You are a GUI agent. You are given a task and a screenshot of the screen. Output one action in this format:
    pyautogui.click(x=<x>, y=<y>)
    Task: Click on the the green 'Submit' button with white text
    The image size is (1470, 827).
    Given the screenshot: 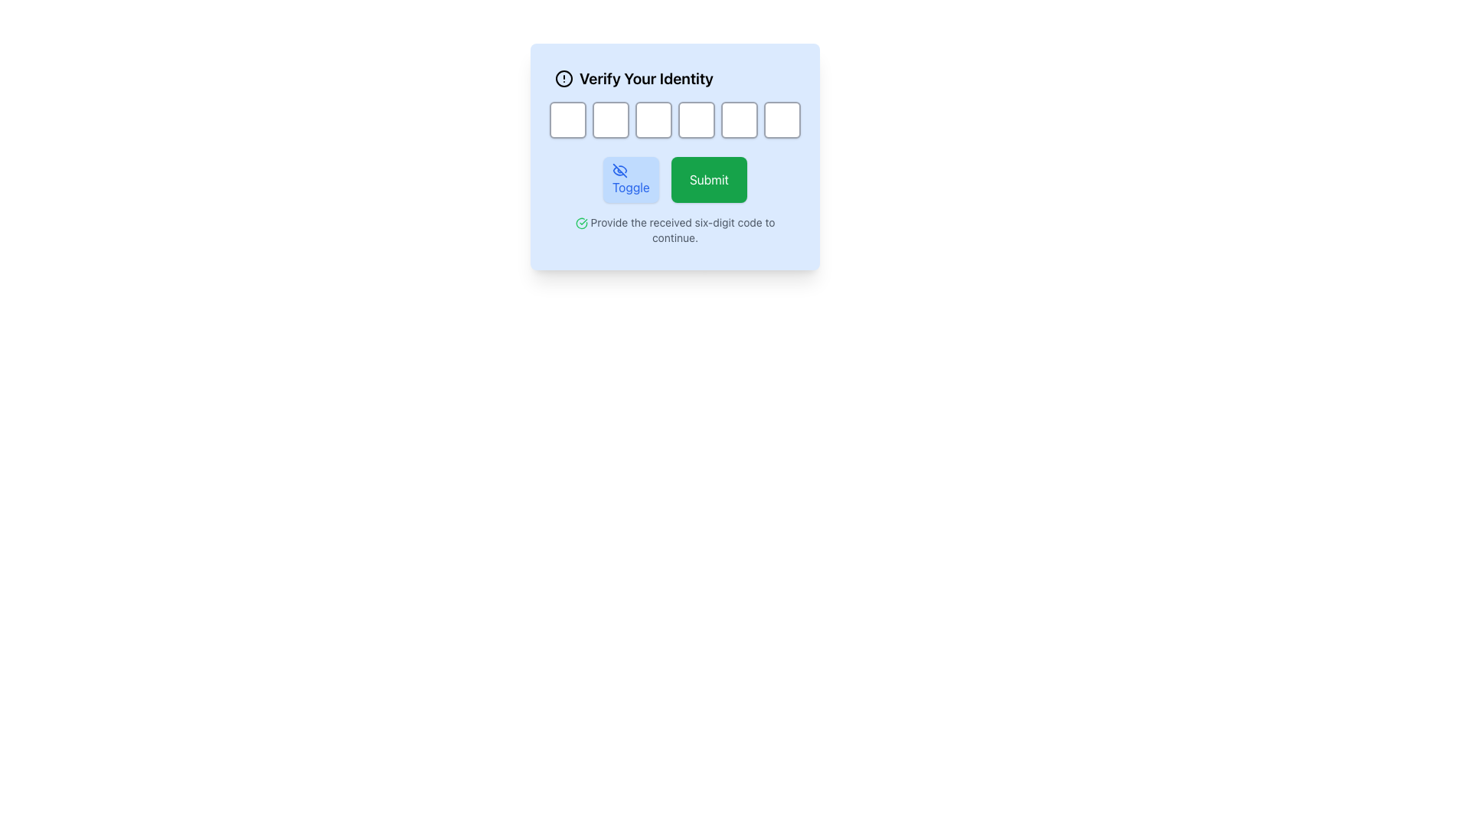 What is the action you would take?
    pyautogui.click(x=708, y=179)
    